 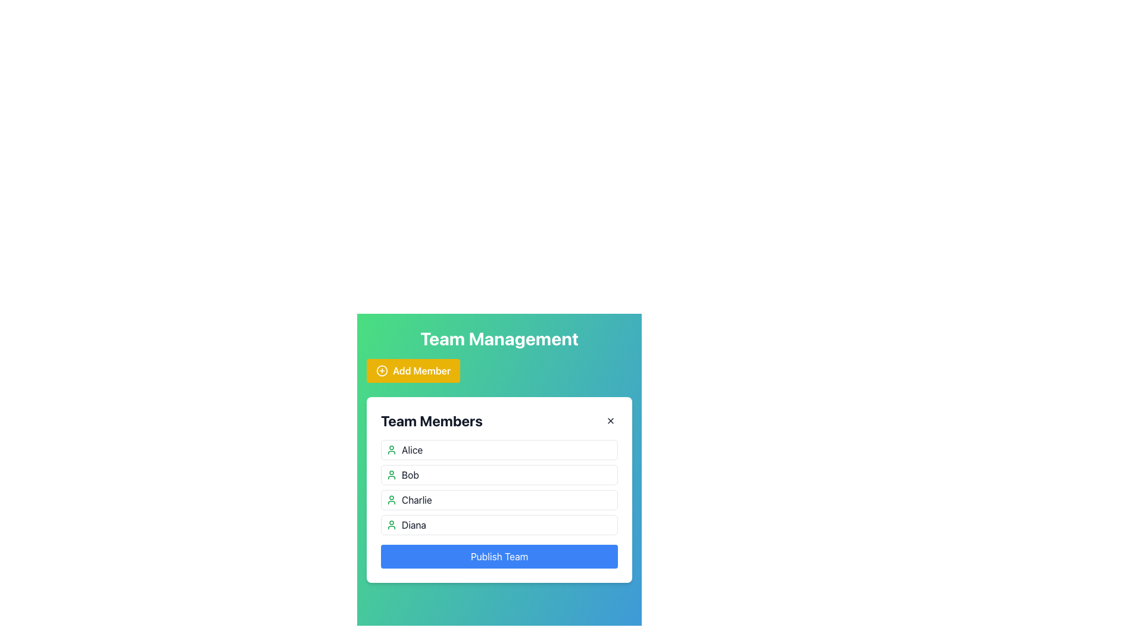 What do you see at coordinates (431, 420) in the screenshot?
I see `the 'Team Members' text label which is bold and large, located at the top-left corner of its containing card interface` at bounding box center [431, 420].